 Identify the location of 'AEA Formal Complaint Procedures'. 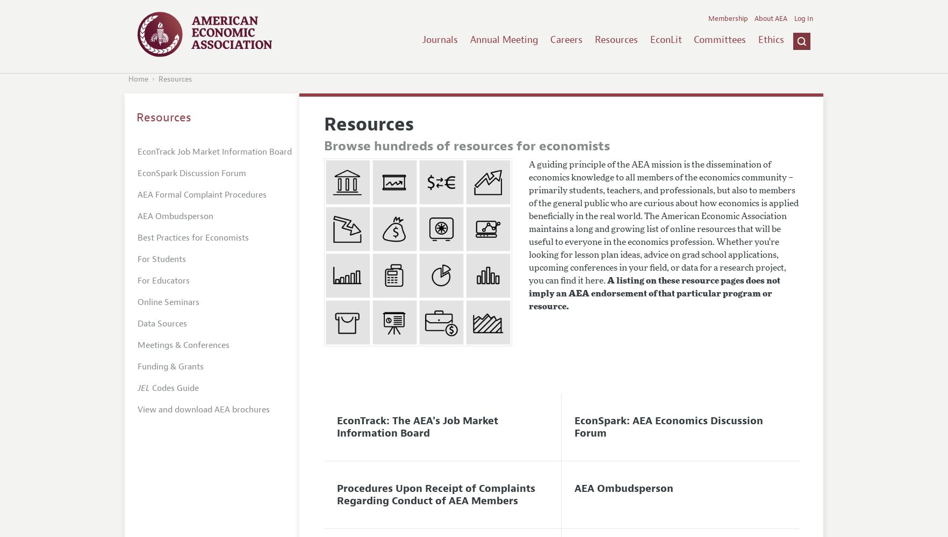
(202, 194).